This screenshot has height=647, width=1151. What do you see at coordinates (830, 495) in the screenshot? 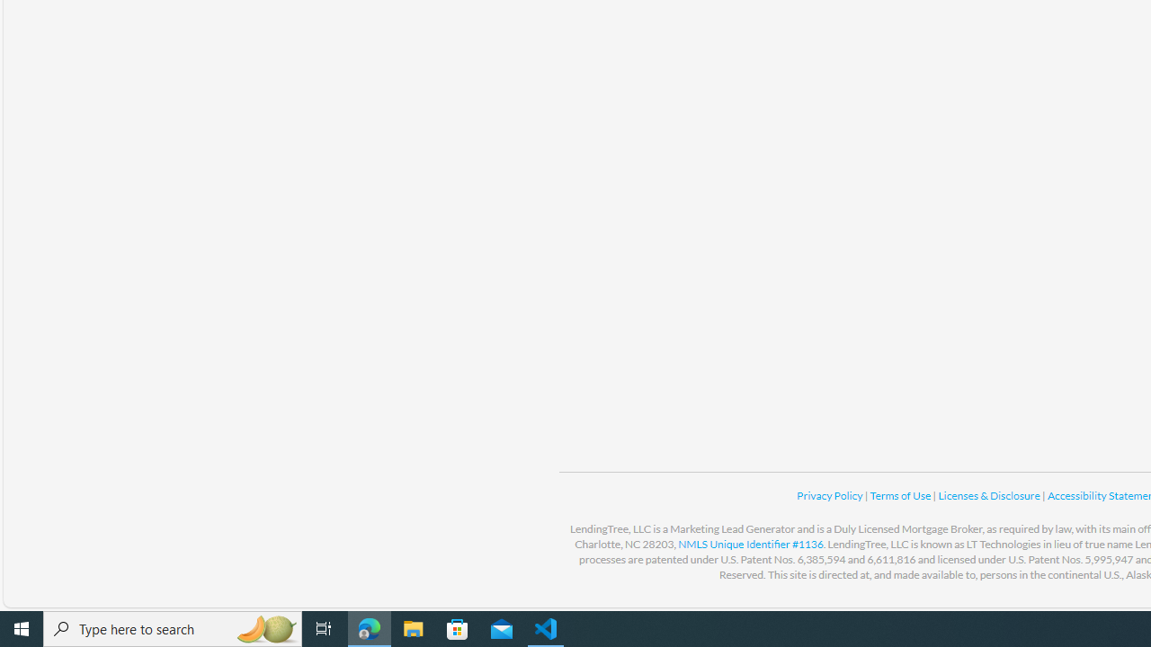
I see `'Privacy Policy '` at bounding box center [830, 495].